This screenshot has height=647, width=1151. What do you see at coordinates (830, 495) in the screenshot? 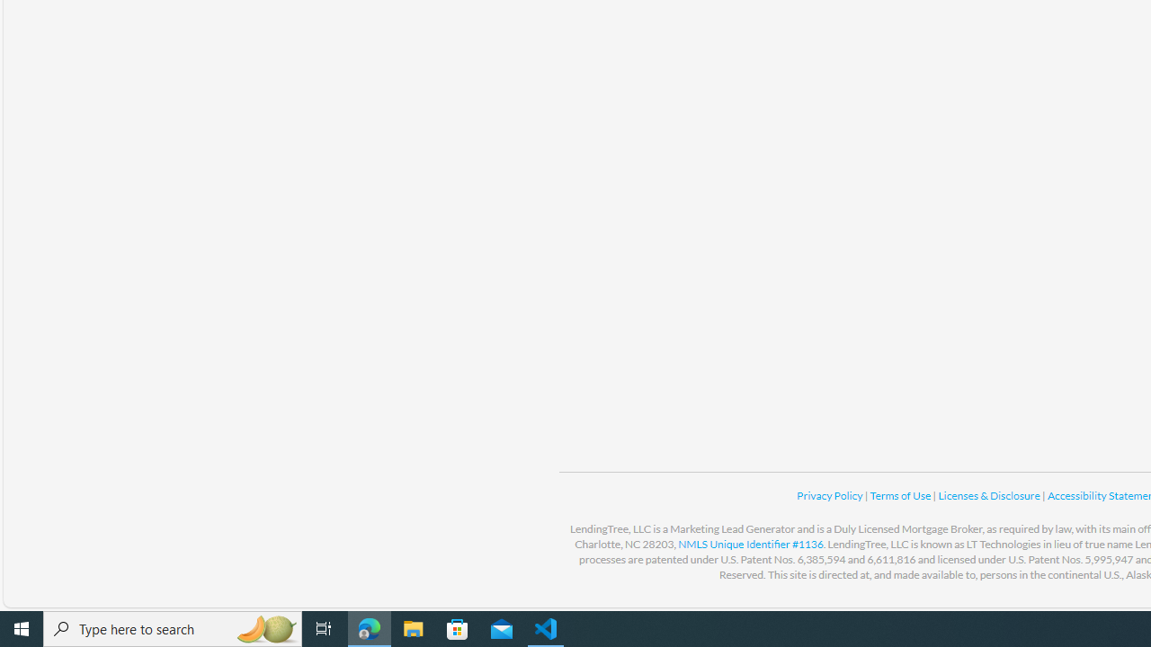
I see `'Privacy Policy '` at bounding box center [830, 495].